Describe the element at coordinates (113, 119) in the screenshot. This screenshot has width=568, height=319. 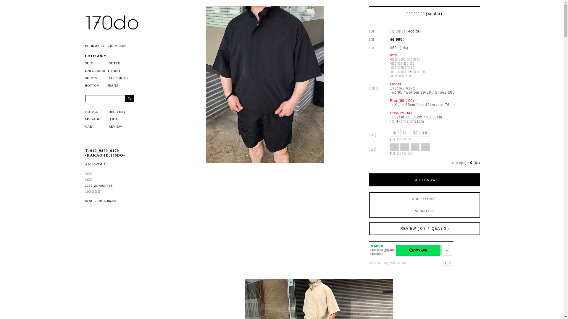
I see `'Q & A'` at that location.